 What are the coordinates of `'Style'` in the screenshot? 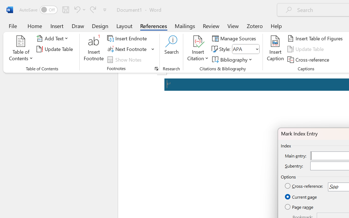 It's located at (243, 49).